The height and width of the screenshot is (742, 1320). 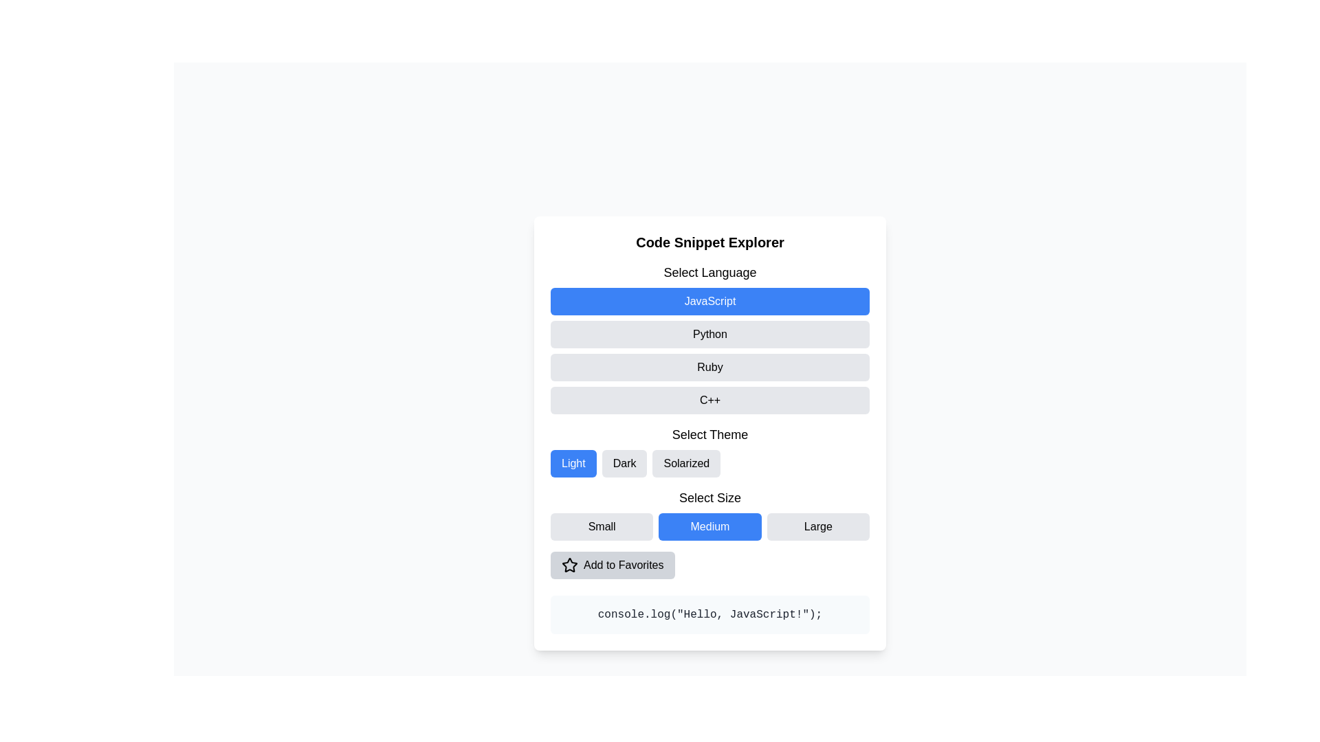 I want to click on the 'Dark' theme selection button, which is the second button from the left under the 'Select Theme' section, so click(x=624, y=464).